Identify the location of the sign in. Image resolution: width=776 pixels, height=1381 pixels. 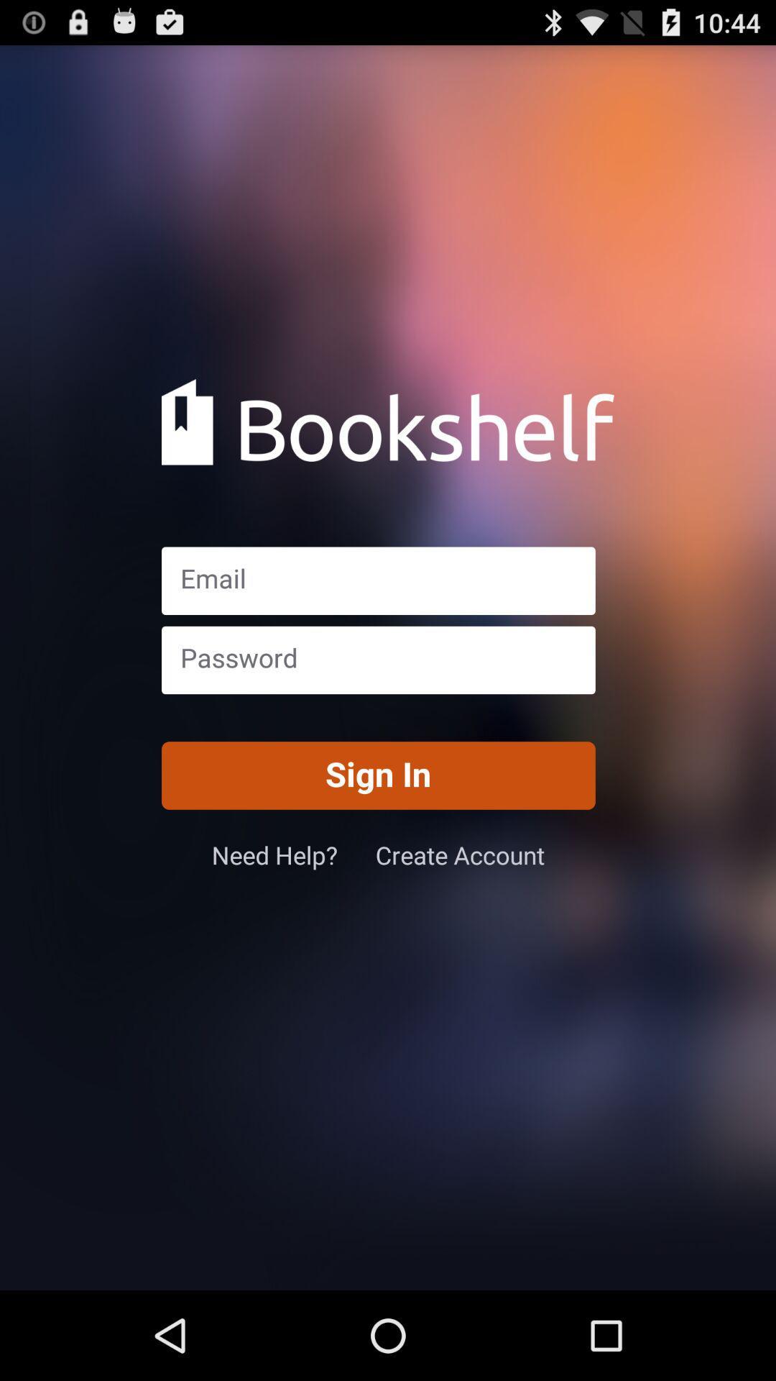
(377, 775).